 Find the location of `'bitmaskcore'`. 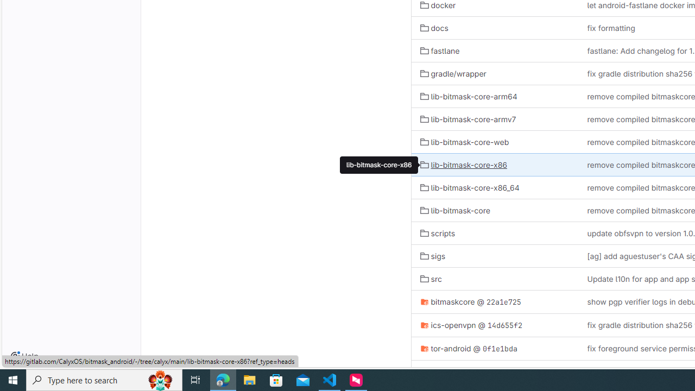

'bitmaskcore' is located at coordinates (447, 301).